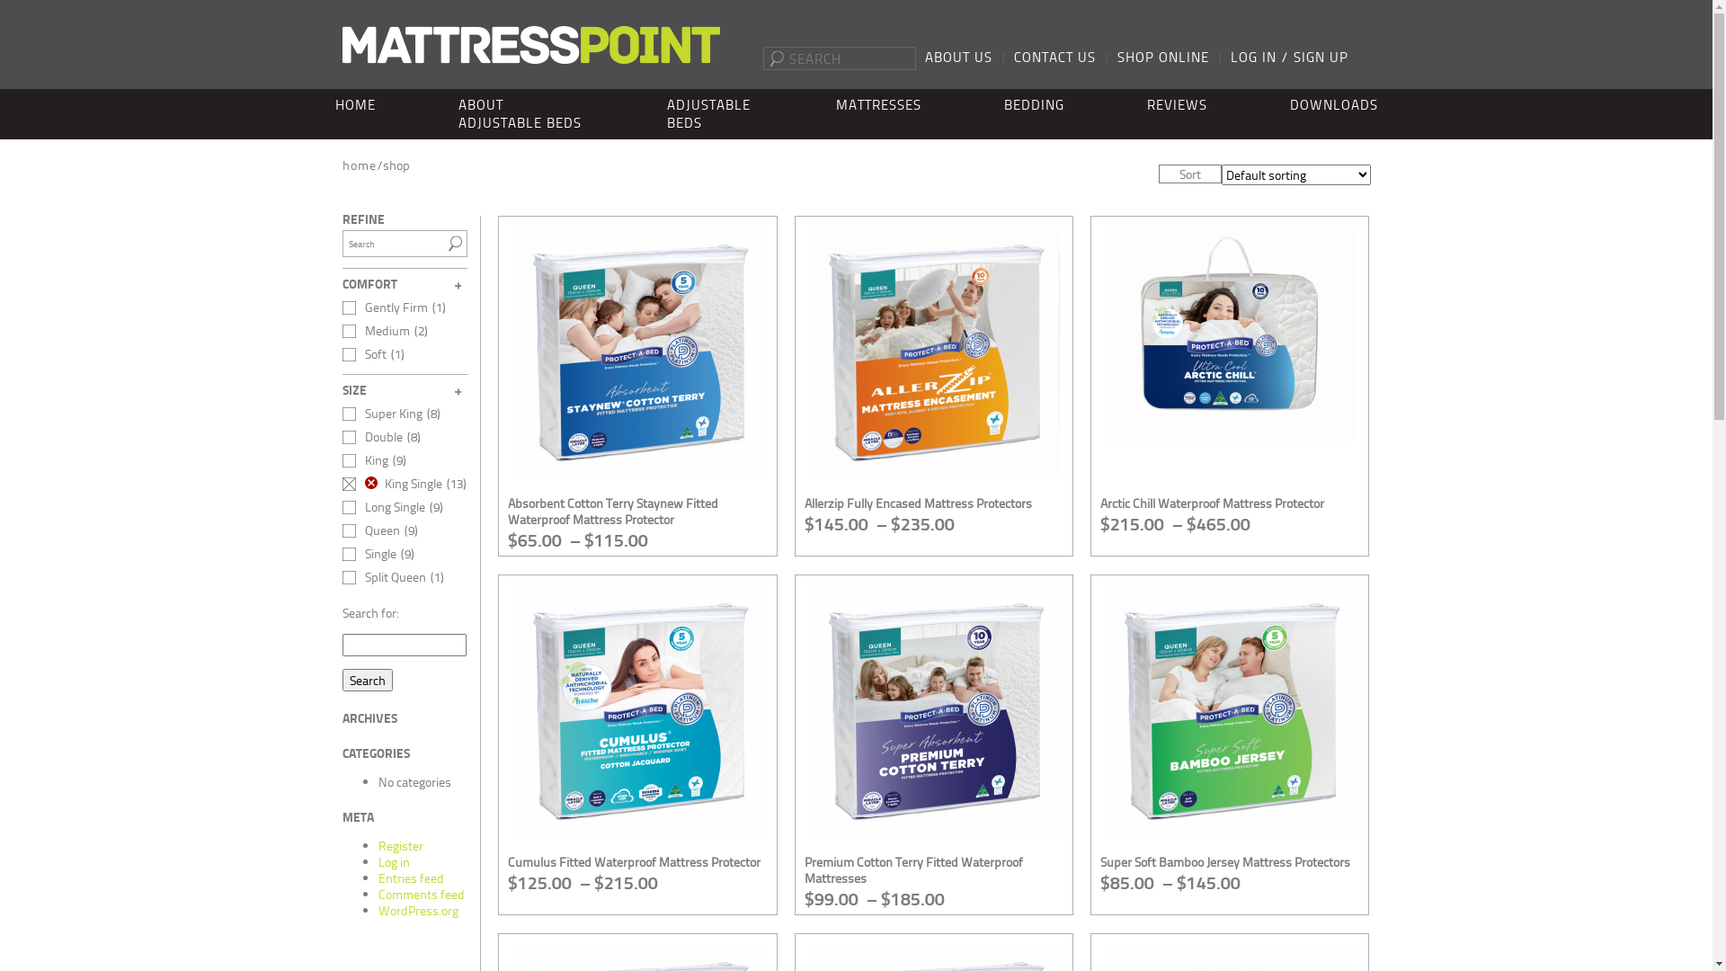 This screenshot has width=1726, height=971. What do you see at coordinates (391, 482) in the screenshot?
I see `'King Single'` at bounding box center [391, 482].